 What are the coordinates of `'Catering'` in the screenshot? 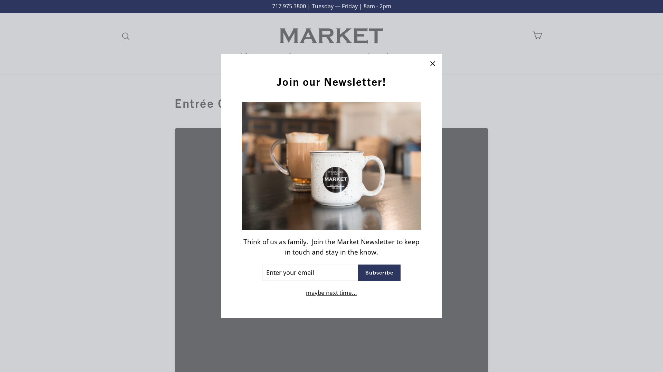 It's located at (328, 55).